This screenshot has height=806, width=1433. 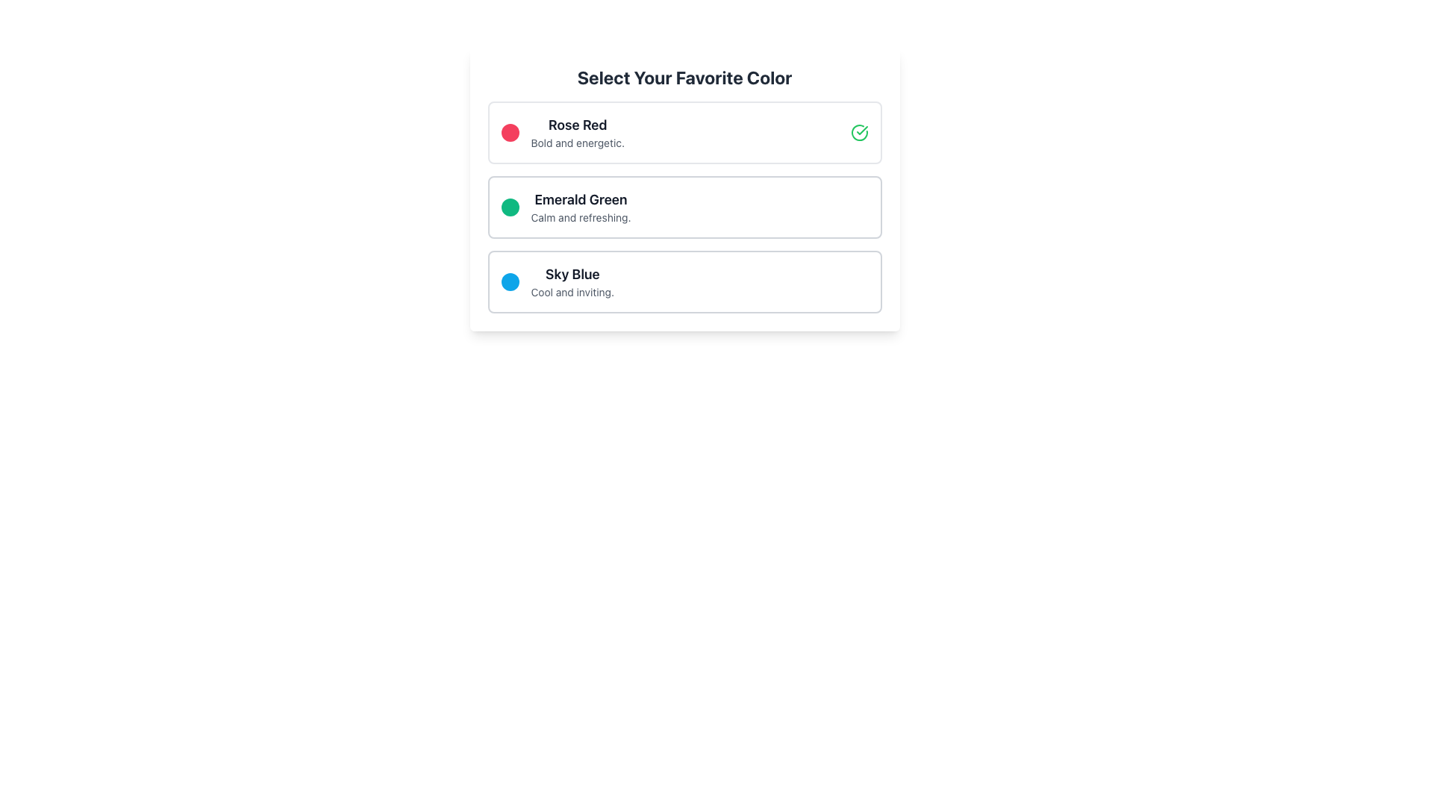 I want to click on the small green circle icon representing the color selection for 'Emerald Green' located in the second option of the list, so click(x=510, y=207).